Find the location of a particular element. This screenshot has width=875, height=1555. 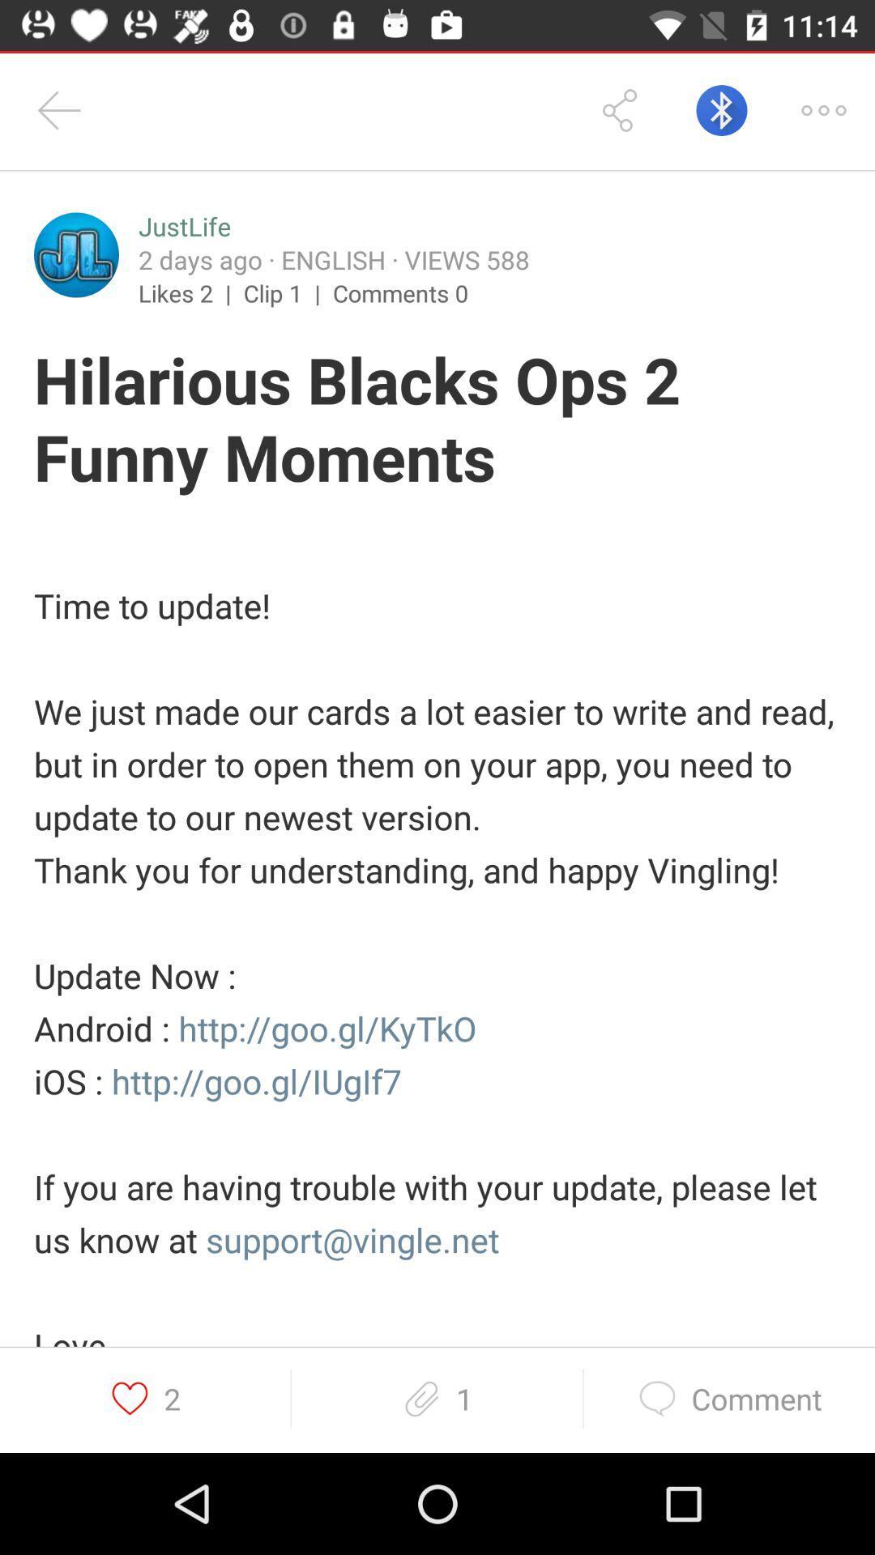

comments 0 is located at coordinates (400, 292).